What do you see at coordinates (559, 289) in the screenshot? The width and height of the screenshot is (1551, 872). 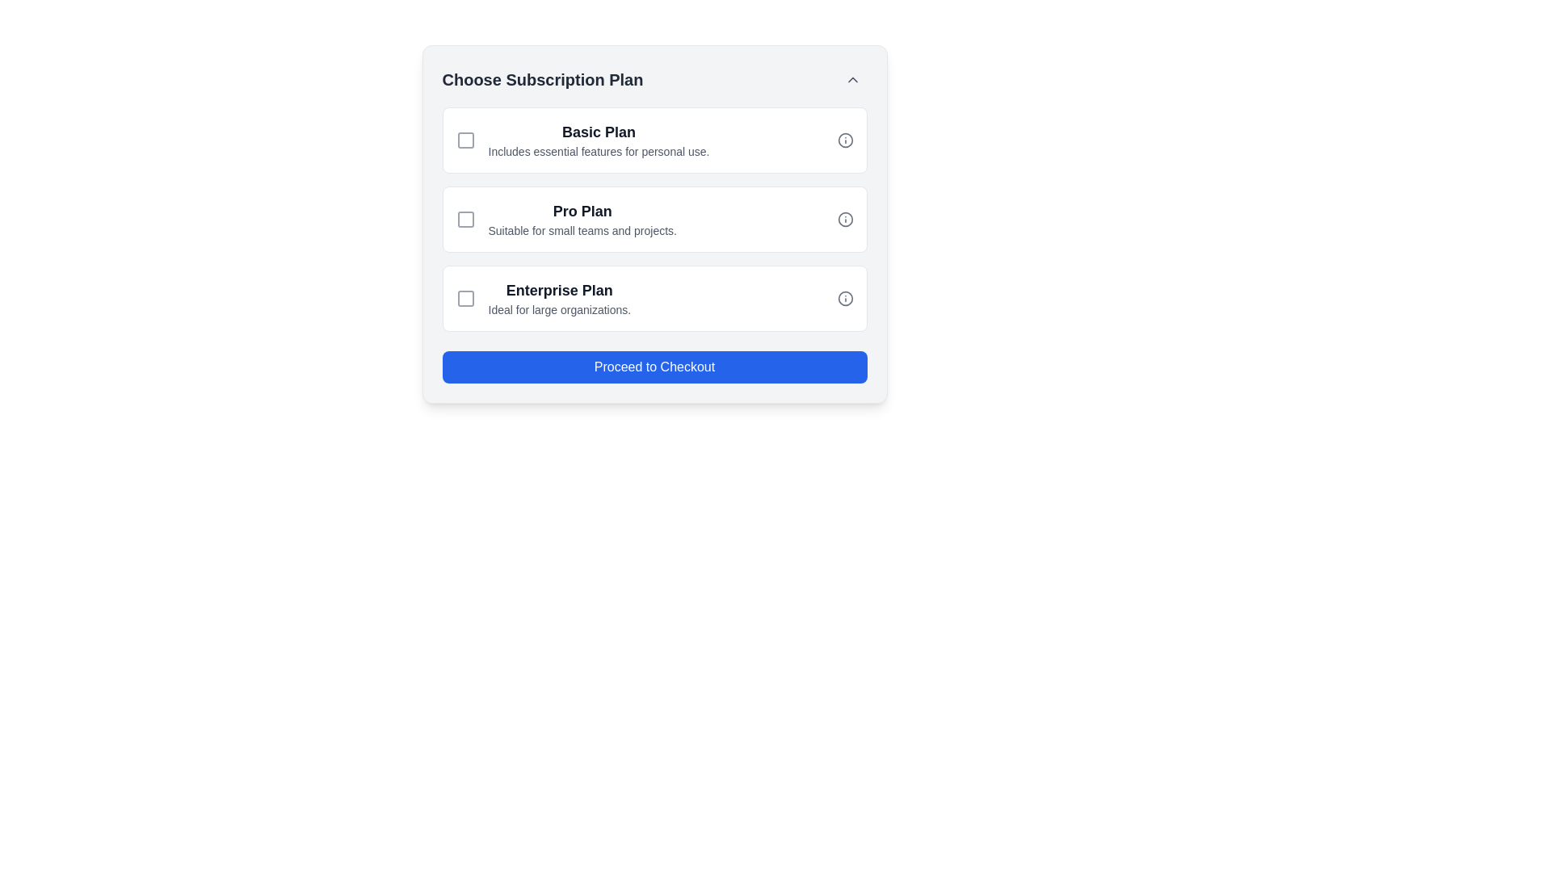 I see `the text label indicating the 'Enterprise Plan' subscription, which is located at the top of the third subscription plan box under the main heading 'Choose Subscription Plan'` at bounding box center [559, 289].